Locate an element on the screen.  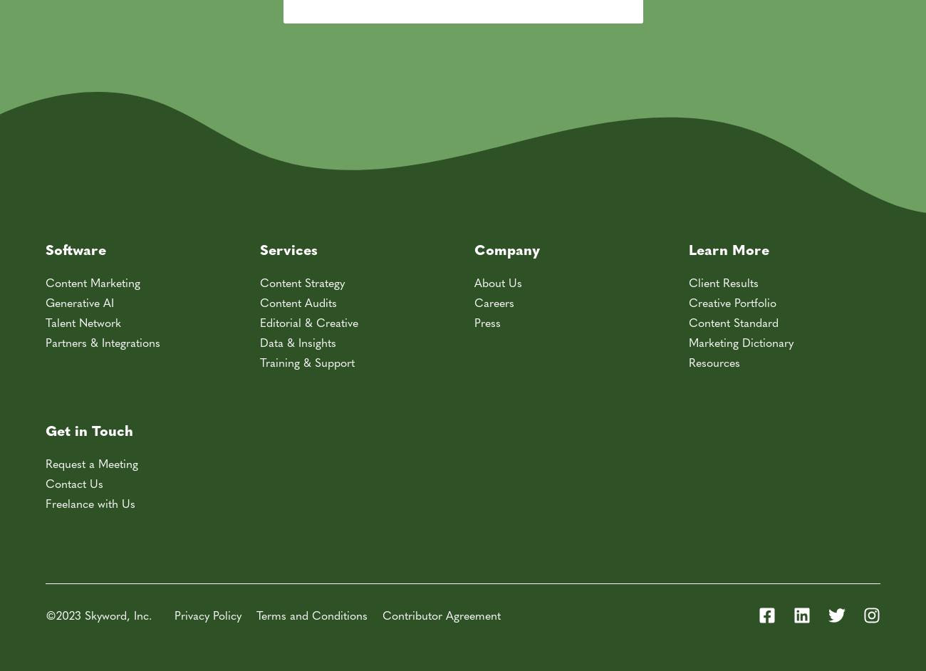
'Contact Us' is located at coordinates (74, 482).